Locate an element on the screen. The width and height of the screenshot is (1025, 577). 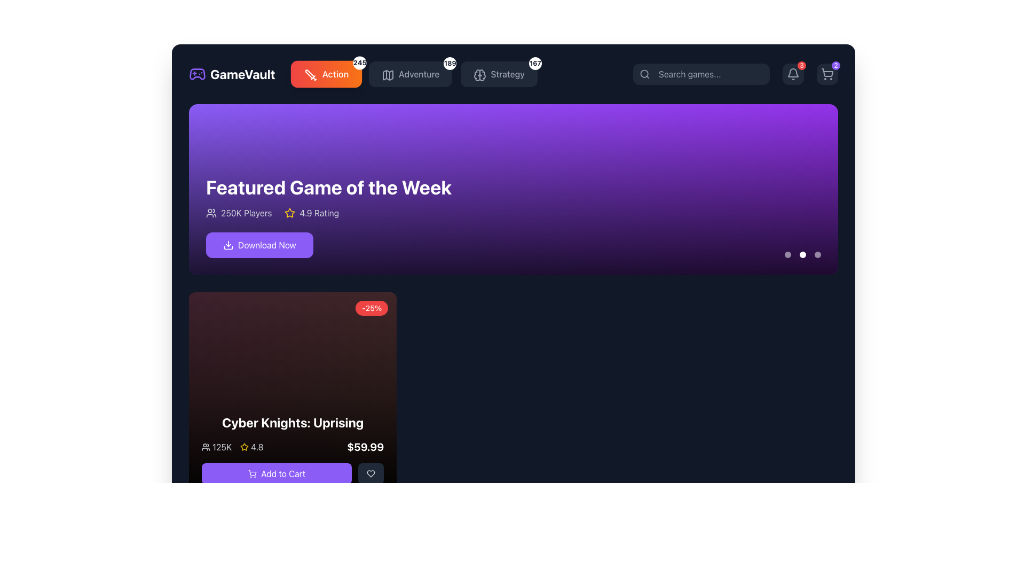
the SVG icon serving as a visual indicator for the 'Strategy' category located in the navigation bar, situated to the right of the 'Action' and 'Adventure' tabs is located at coordinates (479, 75).